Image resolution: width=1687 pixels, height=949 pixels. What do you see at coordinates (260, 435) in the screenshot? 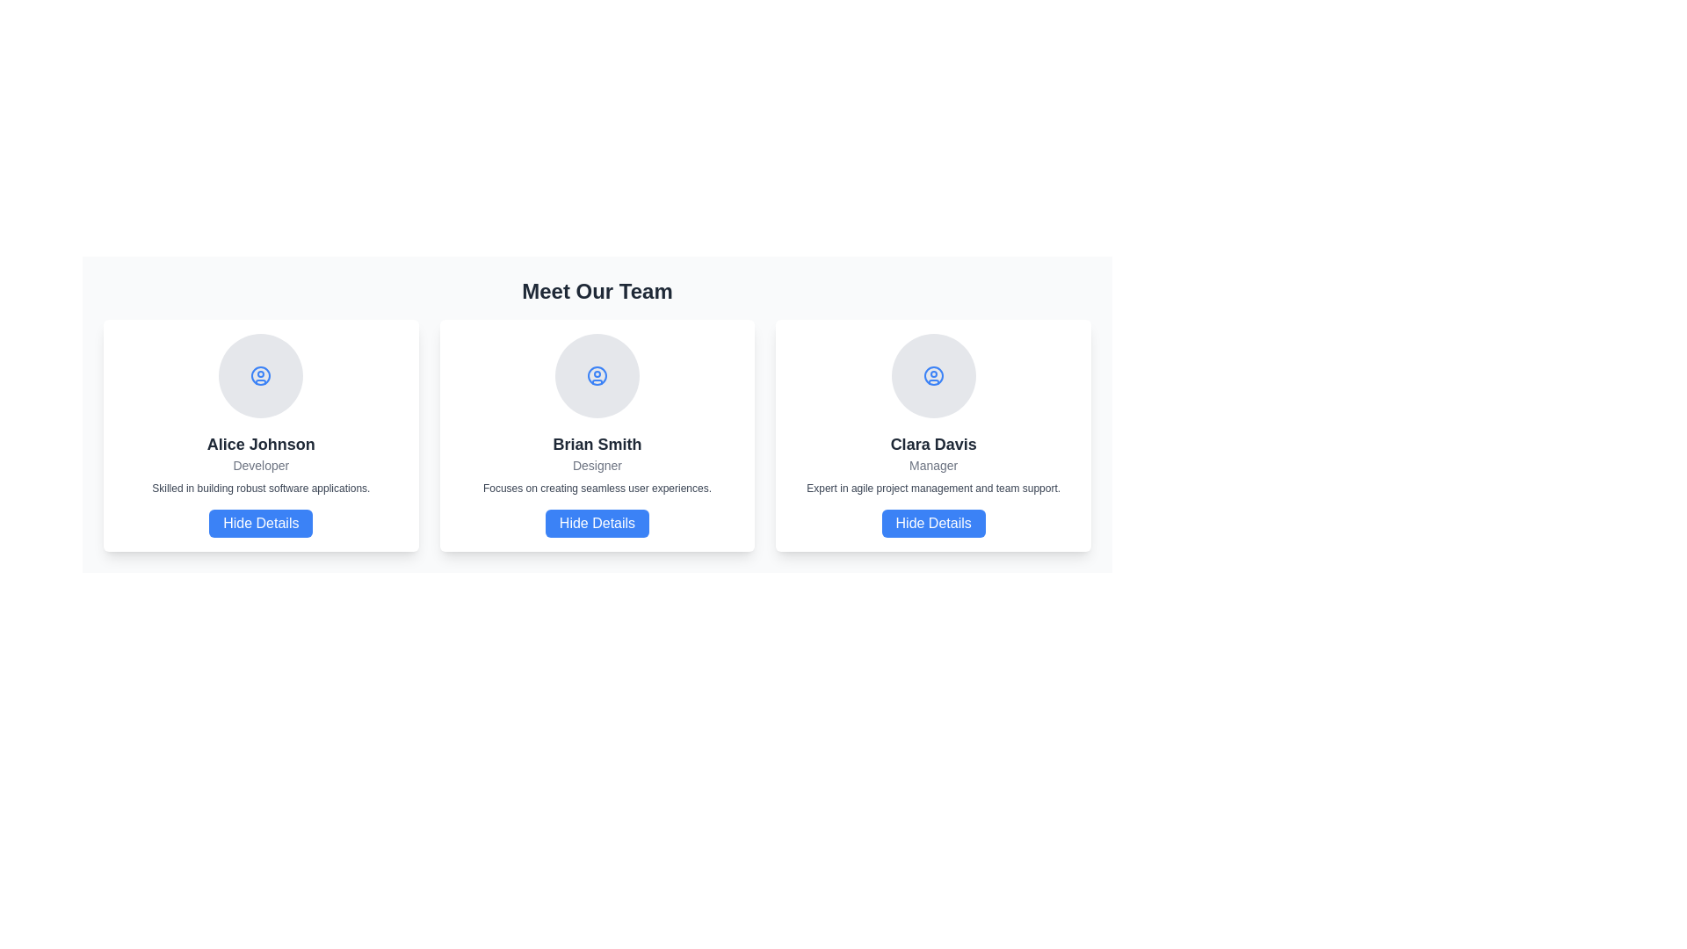
I see `the circular profile icon located at the top of the Profile card labeled 'Alice Johnson'` at bounding box center [260, 435].